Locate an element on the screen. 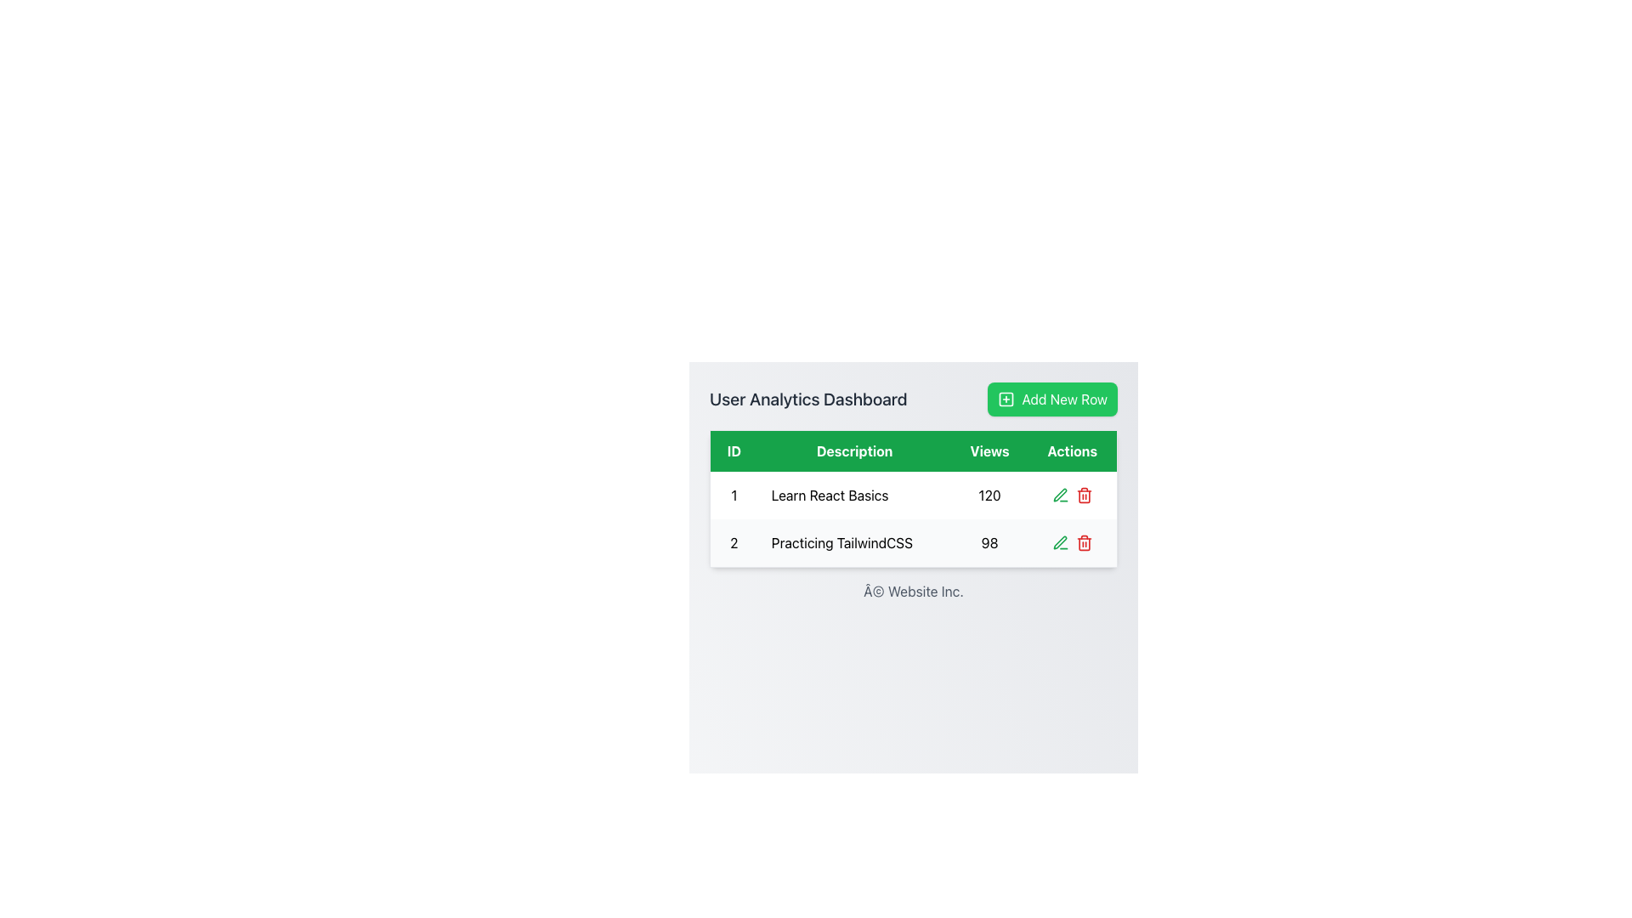 Image resolution: width=1632 pixels, height=918 pixels. 'Description' label located in the green rectangular header cell of the table, which is positioned between the 'ID' and 'Views' headers is located at coordinates (854, 450).